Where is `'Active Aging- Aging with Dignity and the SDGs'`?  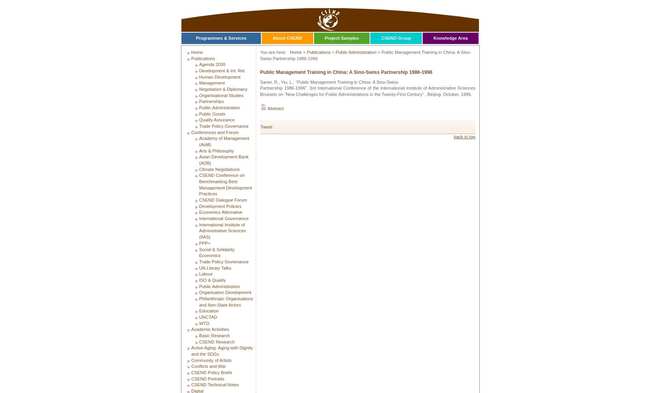 'Active Aging- Aging with Dignity and the SDGs' is located at coordinates (222, 351).